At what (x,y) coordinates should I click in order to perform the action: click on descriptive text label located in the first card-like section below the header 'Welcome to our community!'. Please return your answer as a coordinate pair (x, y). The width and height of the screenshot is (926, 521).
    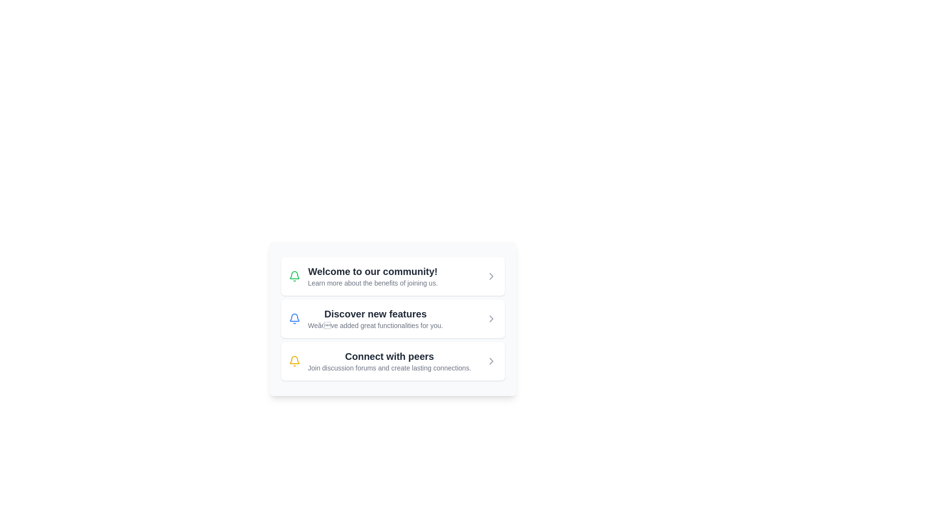
    Looking at the image, I should click on (372, 282).